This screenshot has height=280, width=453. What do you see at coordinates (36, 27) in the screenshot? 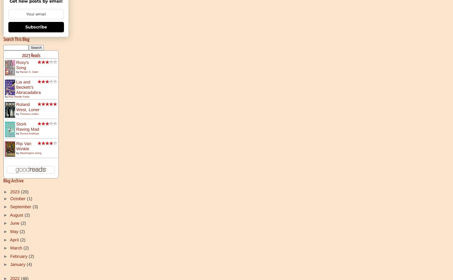
I see `'Subscribe'` at bounding box center [36, 27].